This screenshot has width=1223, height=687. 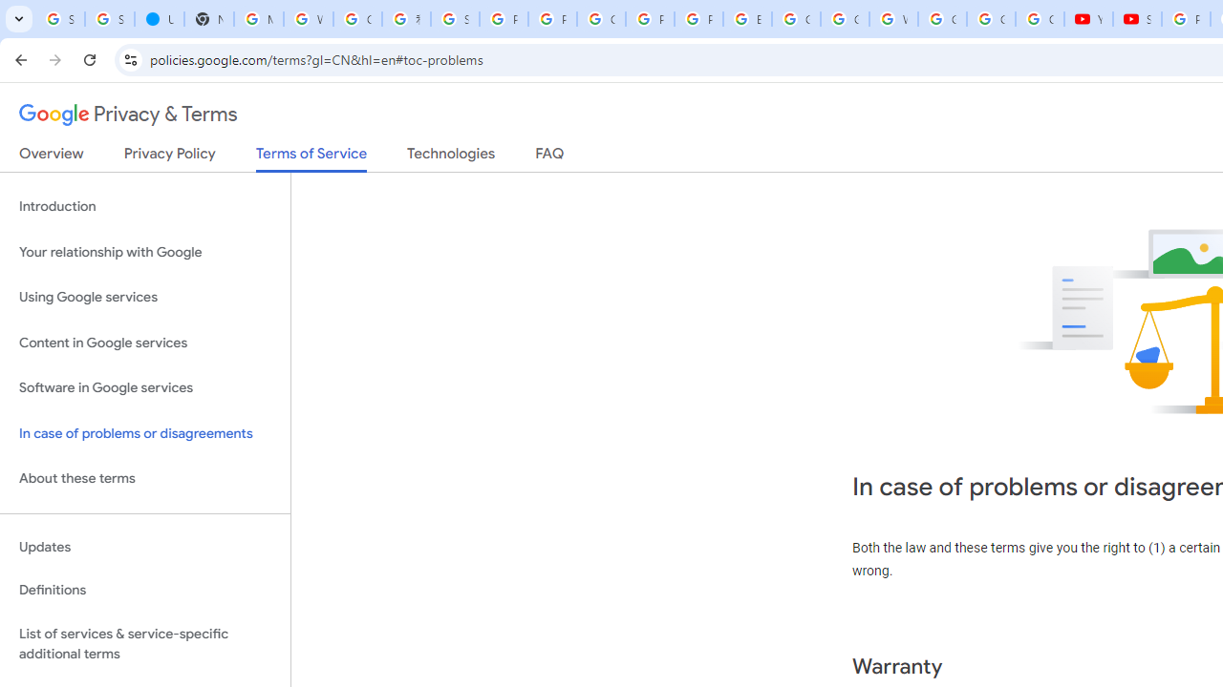 What do you see at coordinates (992, 19) in the screenshot?
I see `'Google Account'` at bounding box center [992, 19].